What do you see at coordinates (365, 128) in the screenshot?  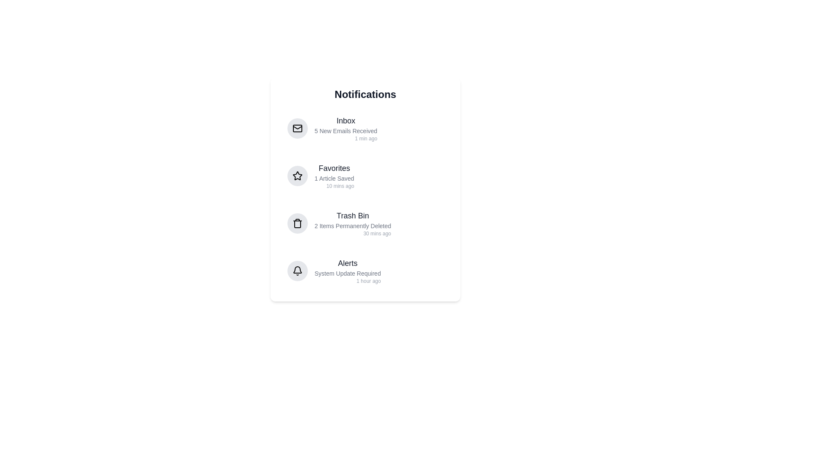 I see `the notification Inbox to see its hover effect` at bounding box center [365, 128].